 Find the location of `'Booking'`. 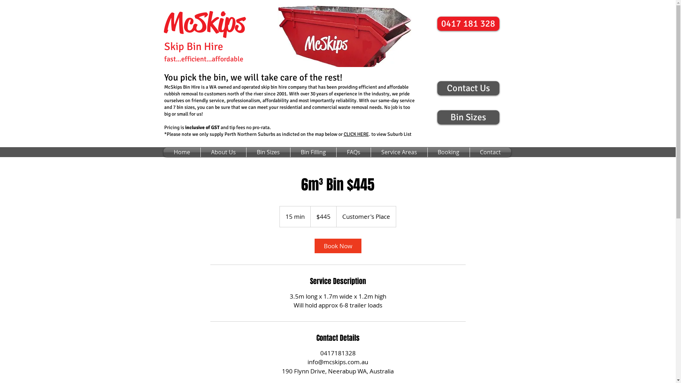

'Booking' is located at coordinates (448, 152).